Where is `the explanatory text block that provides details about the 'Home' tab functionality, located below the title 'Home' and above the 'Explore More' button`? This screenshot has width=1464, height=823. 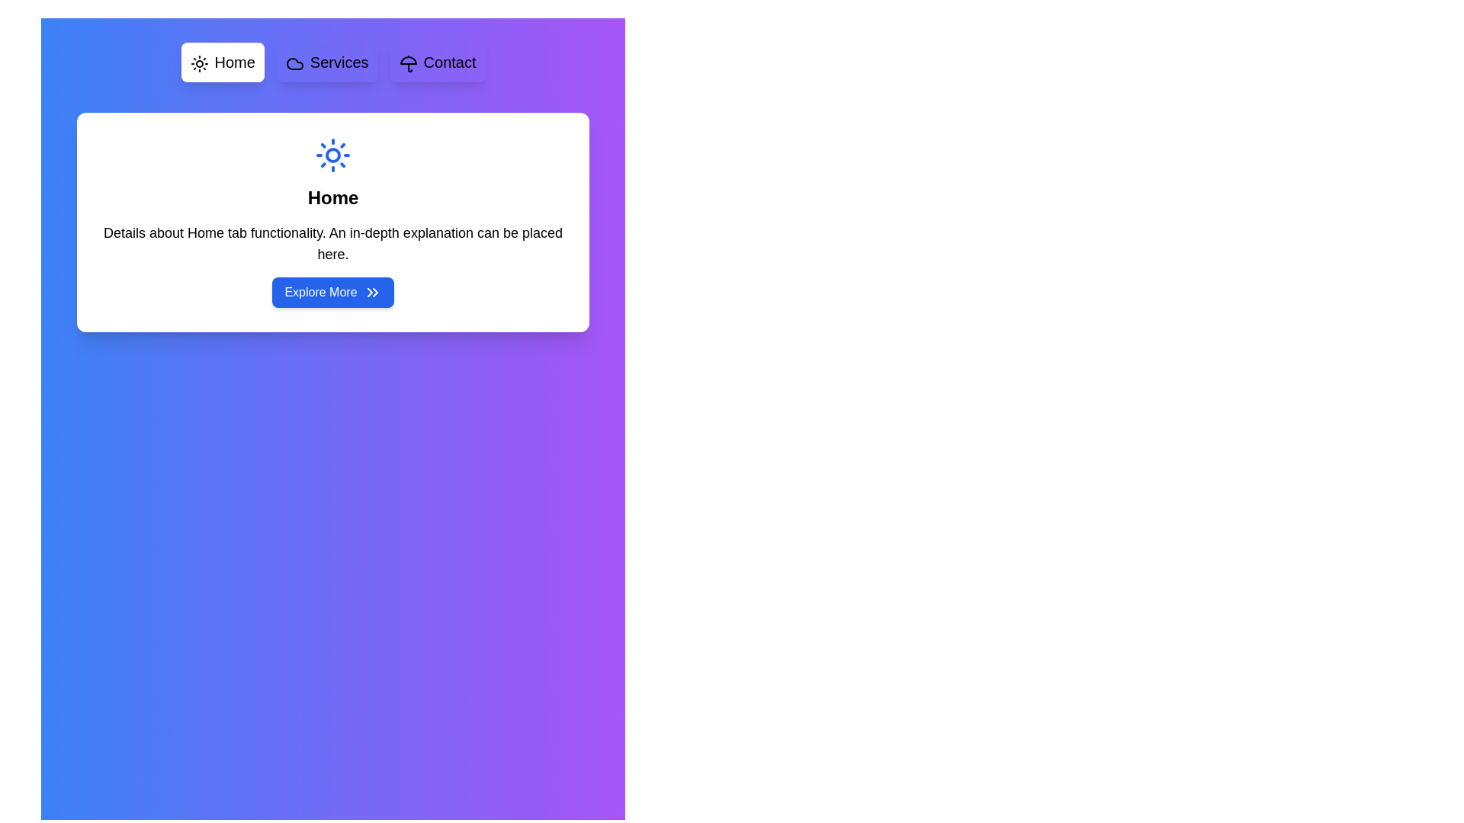
the explanatory text block that provides details about the 'Home' tab functionality, located below the title 'Home' and above the 'Explore More' button is located at coordinates (332, 243).